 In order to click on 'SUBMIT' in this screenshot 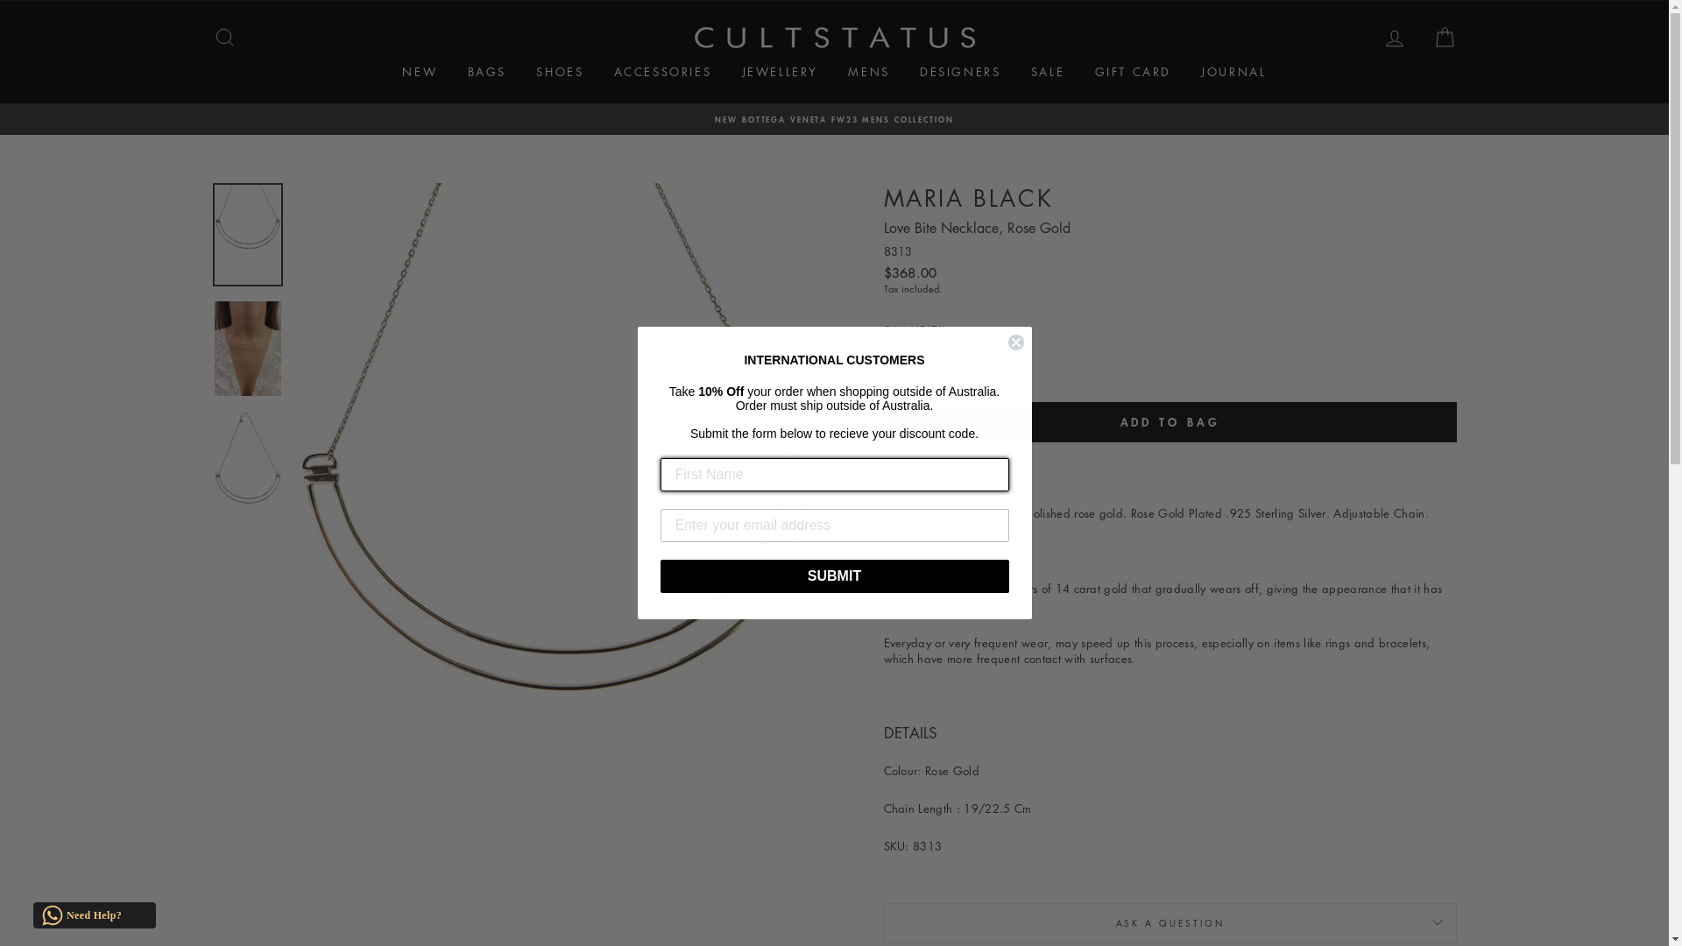, I will do `click(834, 576)`.